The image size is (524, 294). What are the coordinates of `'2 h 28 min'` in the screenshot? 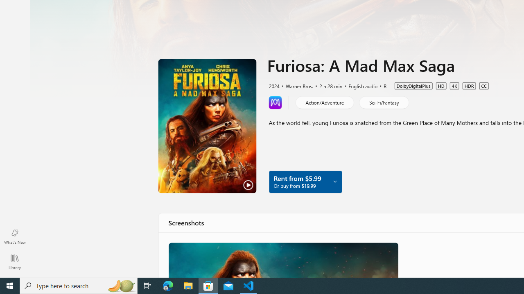 It's located at (327, 85).